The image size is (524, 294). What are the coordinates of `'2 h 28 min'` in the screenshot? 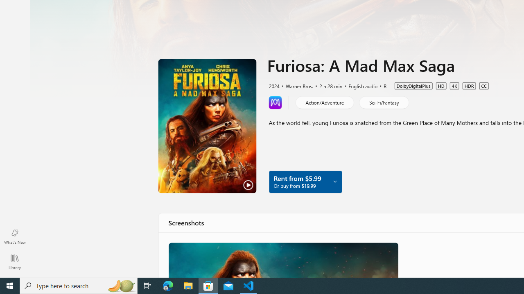 It's located at (327, 85).